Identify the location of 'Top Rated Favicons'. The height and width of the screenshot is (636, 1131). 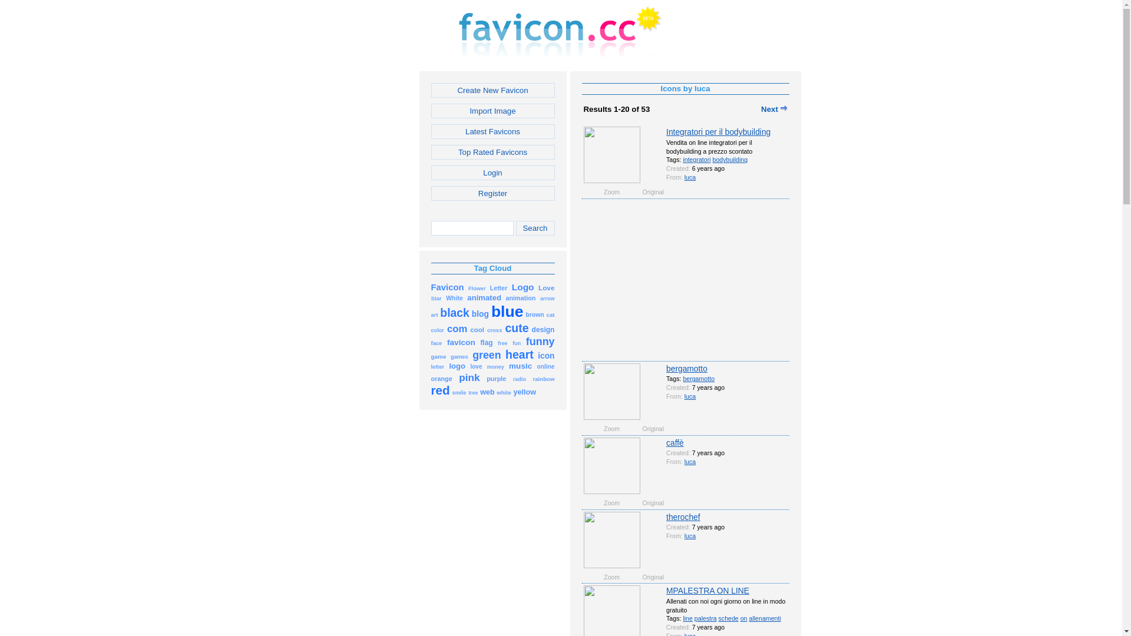
(492, 151).